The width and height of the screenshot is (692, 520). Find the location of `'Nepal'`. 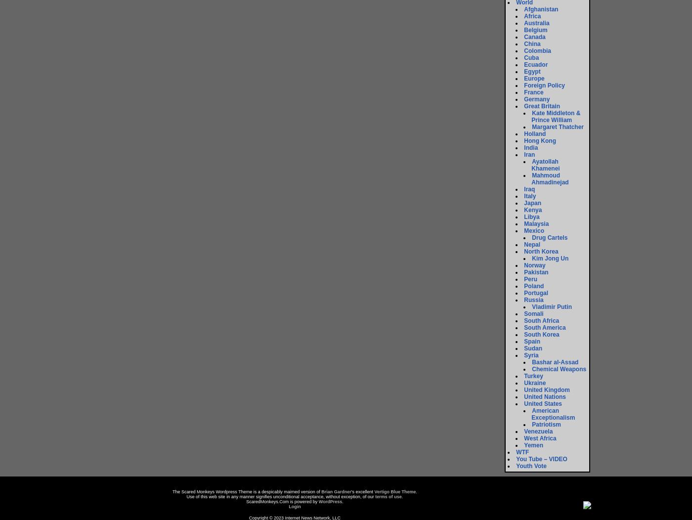

'Nepal' is located at coordinates (532, 244).